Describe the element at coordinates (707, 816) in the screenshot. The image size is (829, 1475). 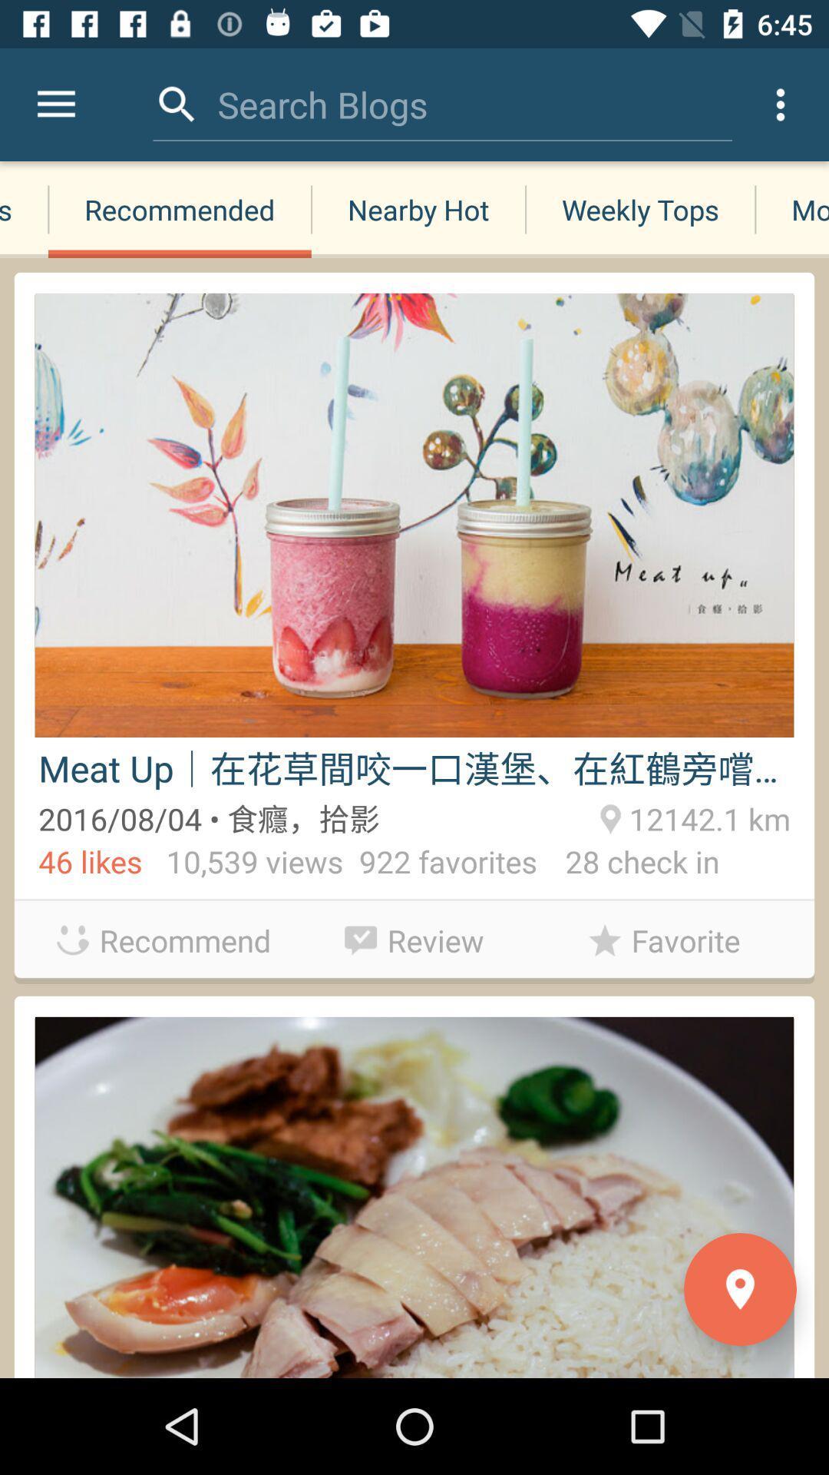
I see `the 12142.1 km icon` at that location.